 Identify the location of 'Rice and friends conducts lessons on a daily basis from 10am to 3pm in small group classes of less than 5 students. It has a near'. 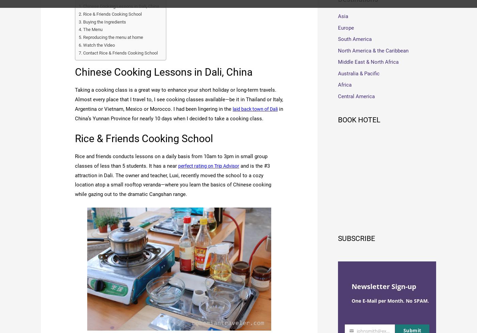
(171, 161).